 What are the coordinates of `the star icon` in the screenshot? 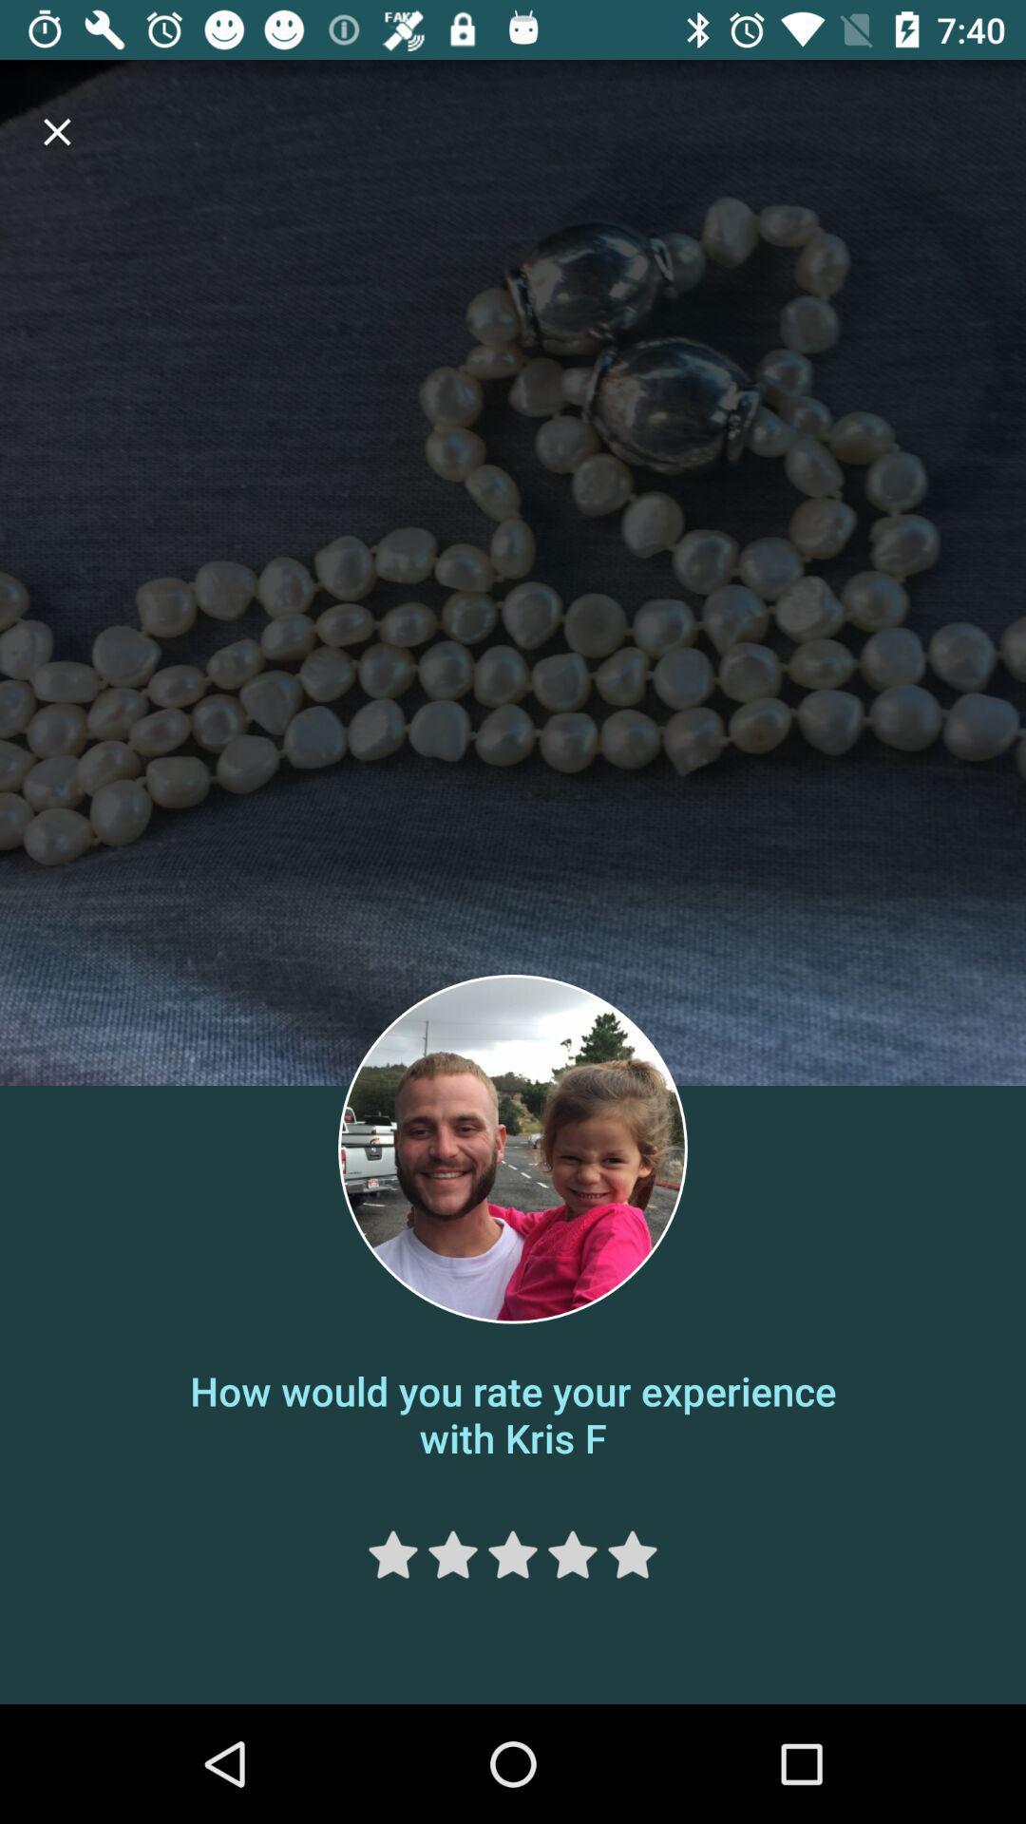 It's located at (571, 1554).